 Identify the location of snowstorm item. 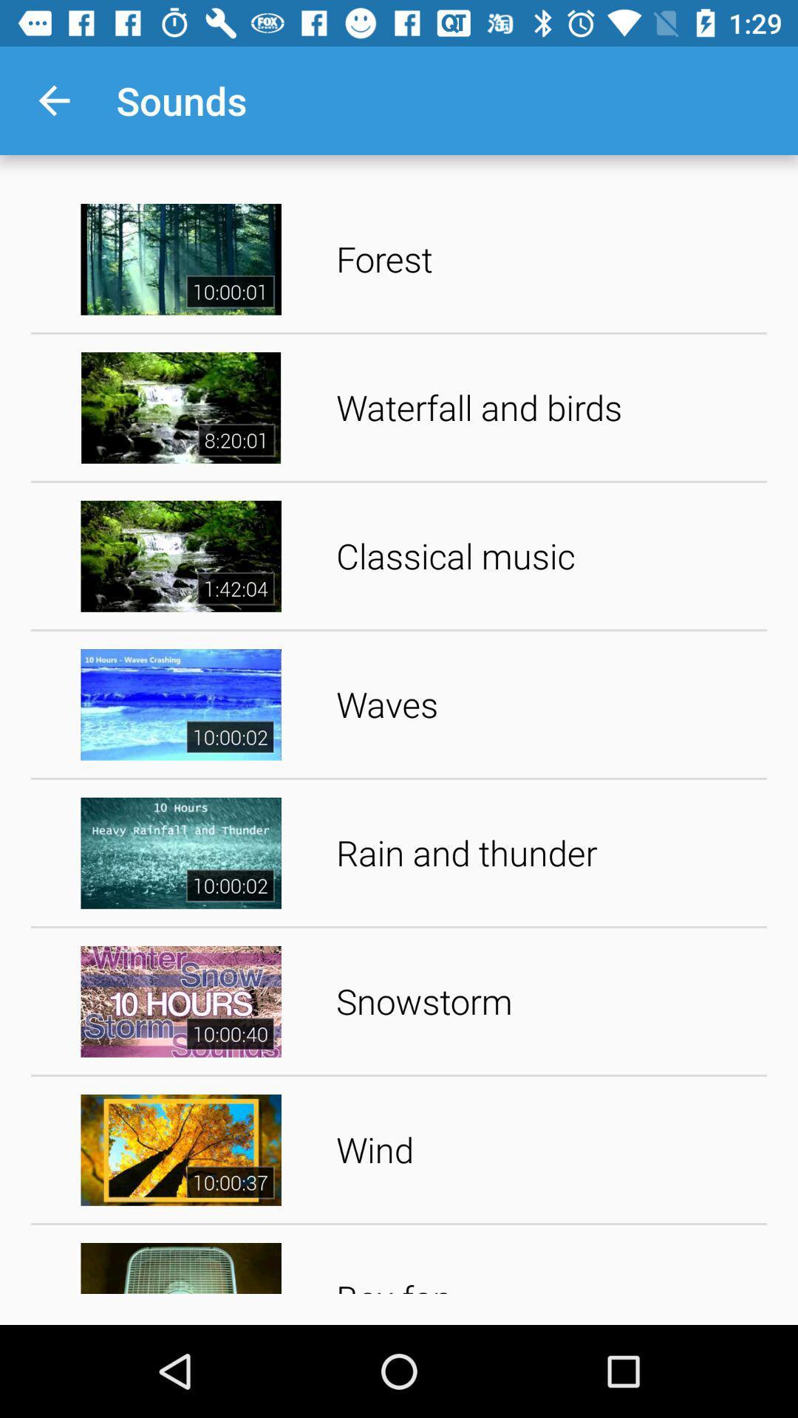
(546, 1001).